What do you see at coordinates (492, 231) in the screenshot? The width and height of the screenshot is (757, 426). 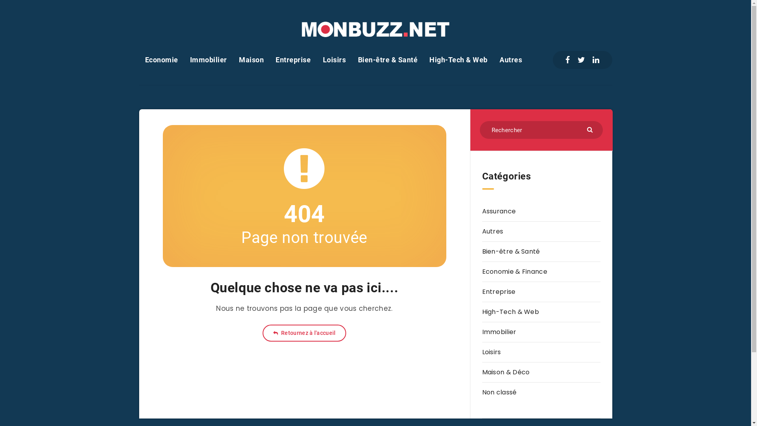 I see `'Autres'` at bounding box center [492, 231].